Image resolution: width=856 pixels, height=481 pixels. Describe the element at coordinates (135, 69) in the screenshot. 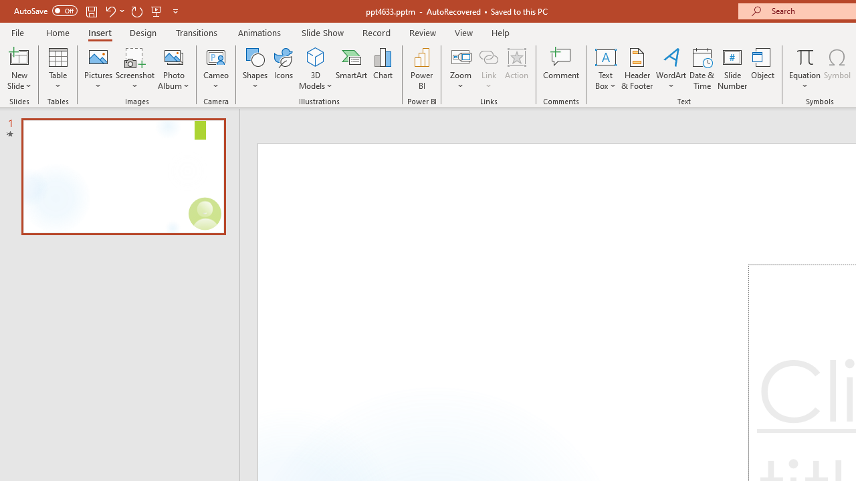

I see `'Screenshot'` at that location.